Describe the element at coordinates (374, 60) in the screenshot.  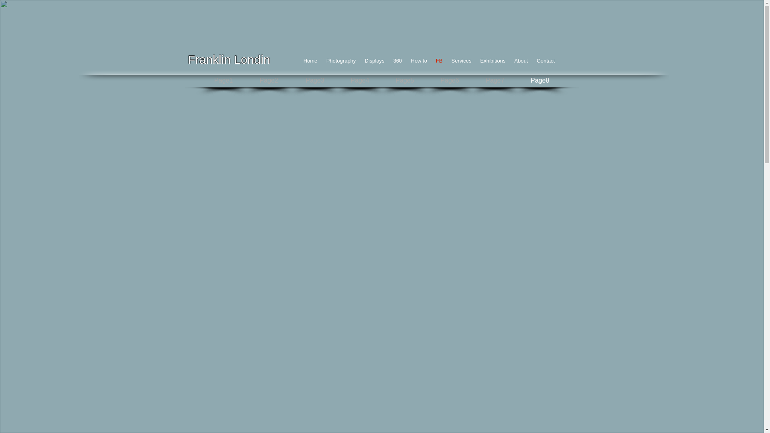
I see `'Displays'` at that location.